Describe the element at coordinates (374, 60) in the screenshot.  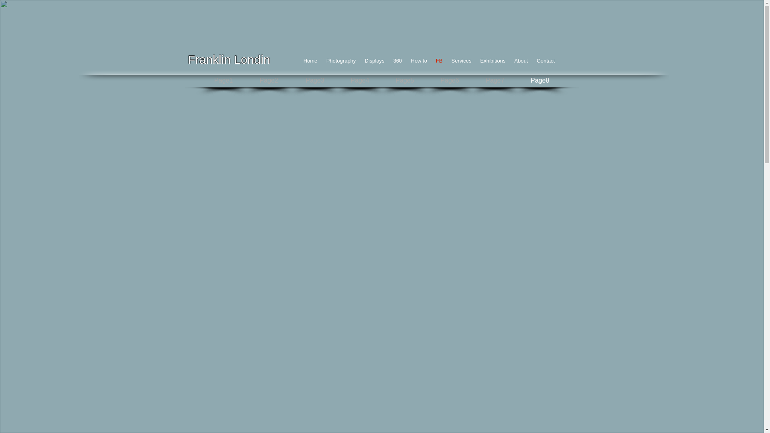
I see `'Displays'` at that location.